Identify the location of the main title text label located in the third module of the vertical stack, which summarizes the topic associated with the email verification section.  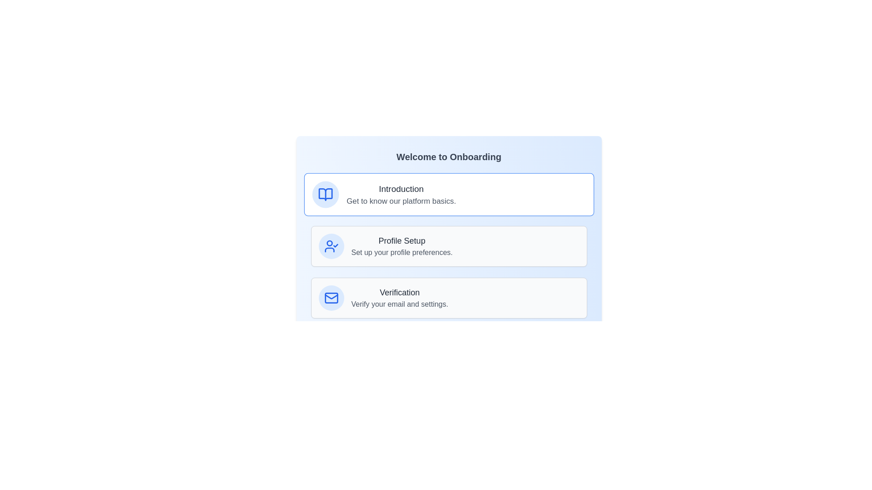
(400, 292).